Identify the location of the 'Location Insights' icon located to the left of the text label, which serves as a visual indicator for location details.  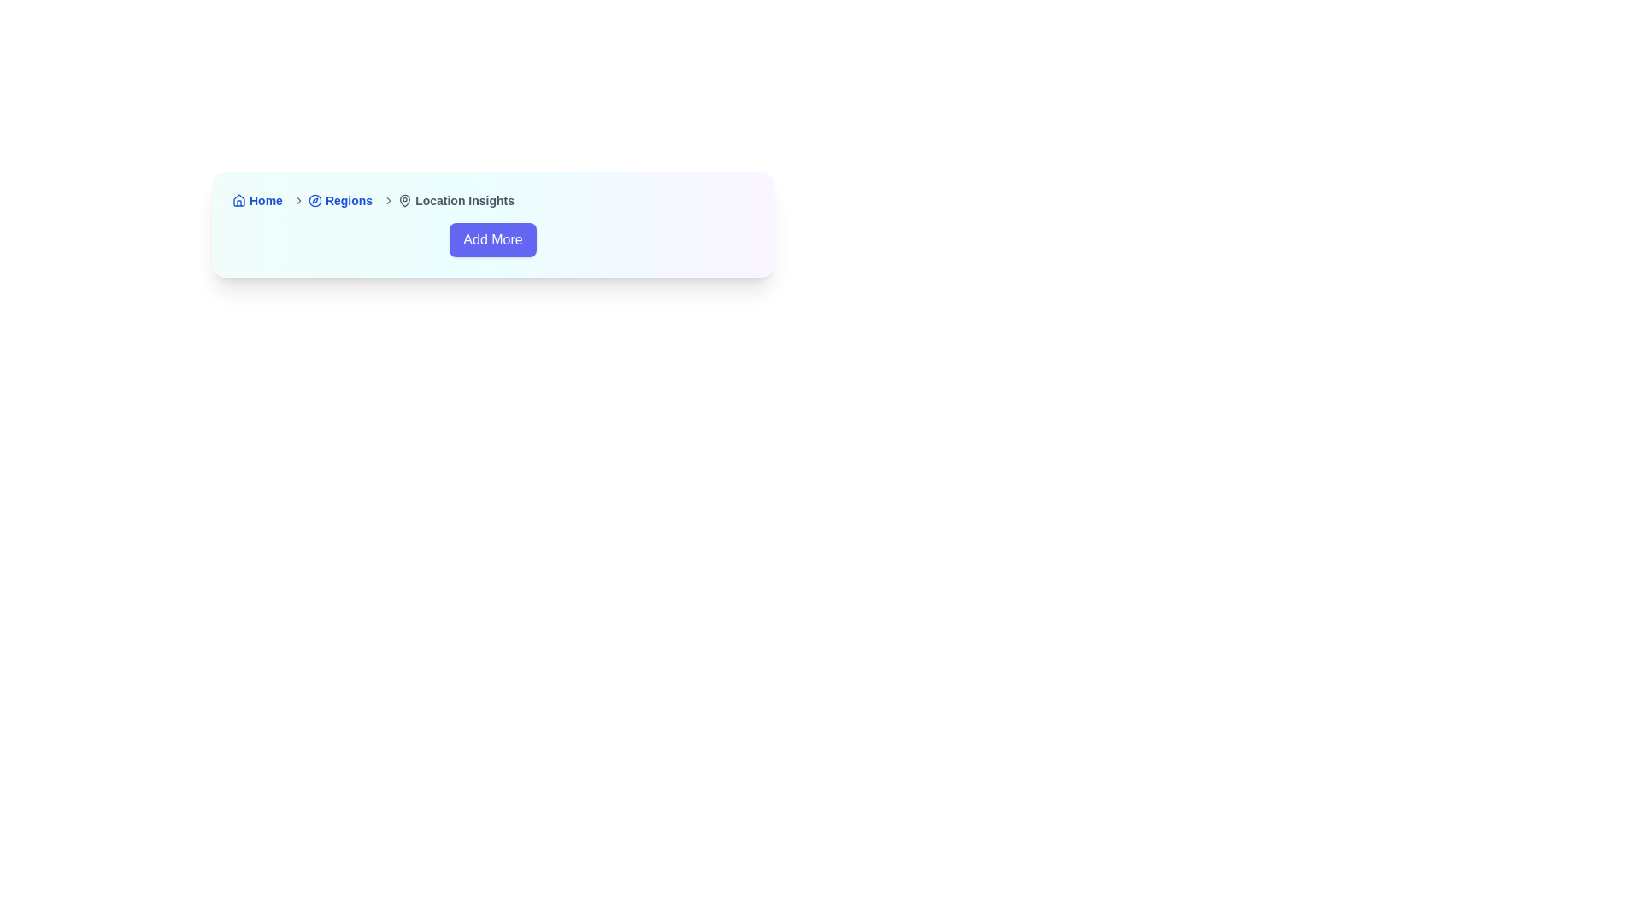
(404, 200).